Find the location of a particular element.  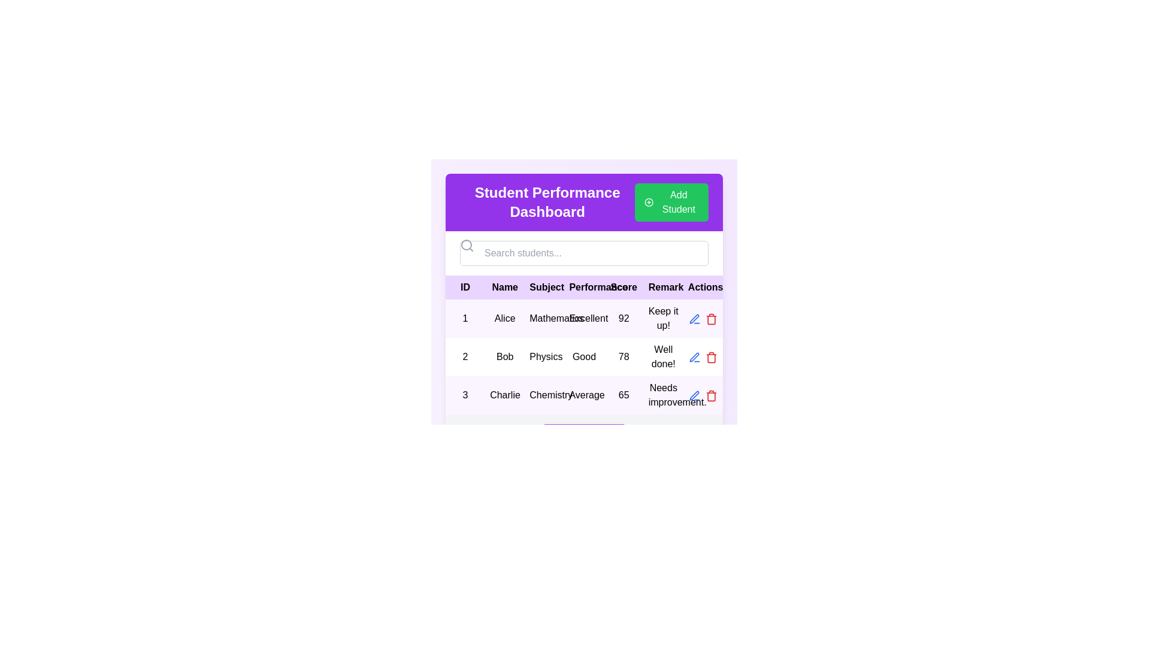

the text component that reads 'Well done!' in bold black font, located in the second row of the table in the 'Remarks' column, aligned with 'Bob' in the 'Name' column and 'Physics' in the 'Subject' column is located at coordinates (662, 356).